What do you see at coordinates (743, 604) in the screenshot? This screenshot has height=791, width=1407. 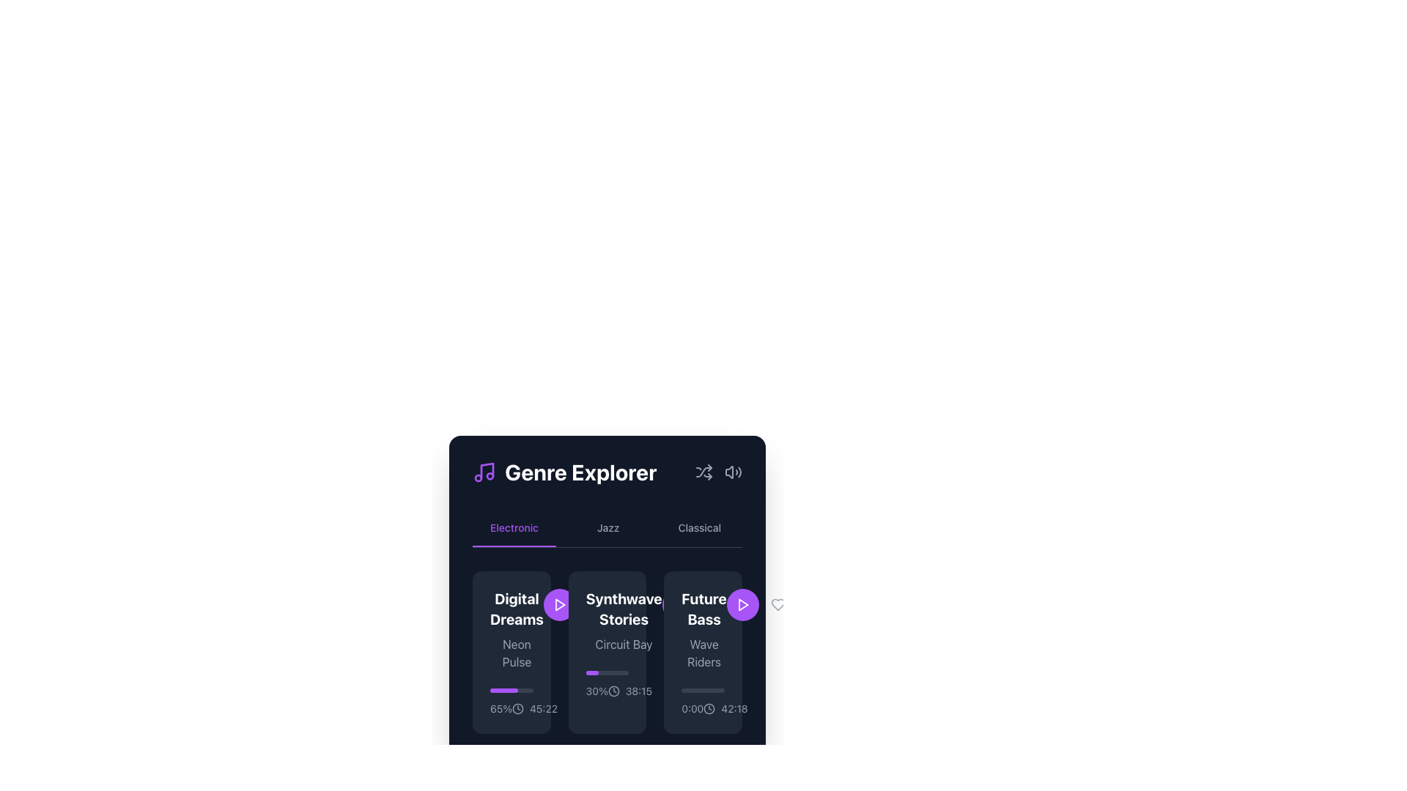 I see `the play button to initiate playing the track associated with the 'Future Bass' card in the Genre Explorer section` at bounding box center [743, 604].